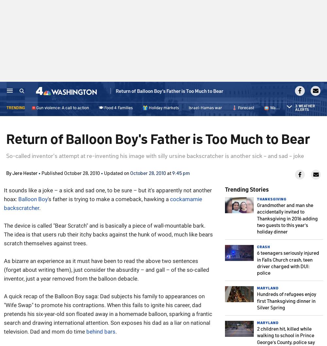 Image resolution: width=327 pixels, height=346 pixels. What do you see at coordinates (60, 109) in the screenshot?
I see `'🚨Gun violence: A call to action'` at bounding box center [60, 109].